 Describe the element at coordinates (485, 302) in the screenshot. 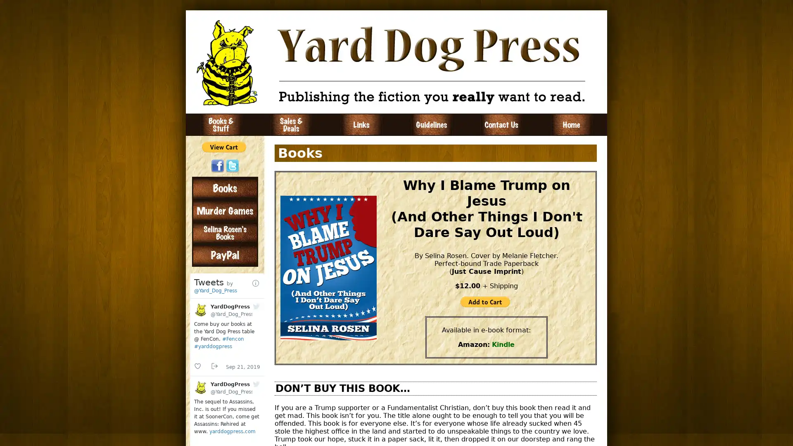

I see `PayPal - The safer, easier way to pay online!` at that location.